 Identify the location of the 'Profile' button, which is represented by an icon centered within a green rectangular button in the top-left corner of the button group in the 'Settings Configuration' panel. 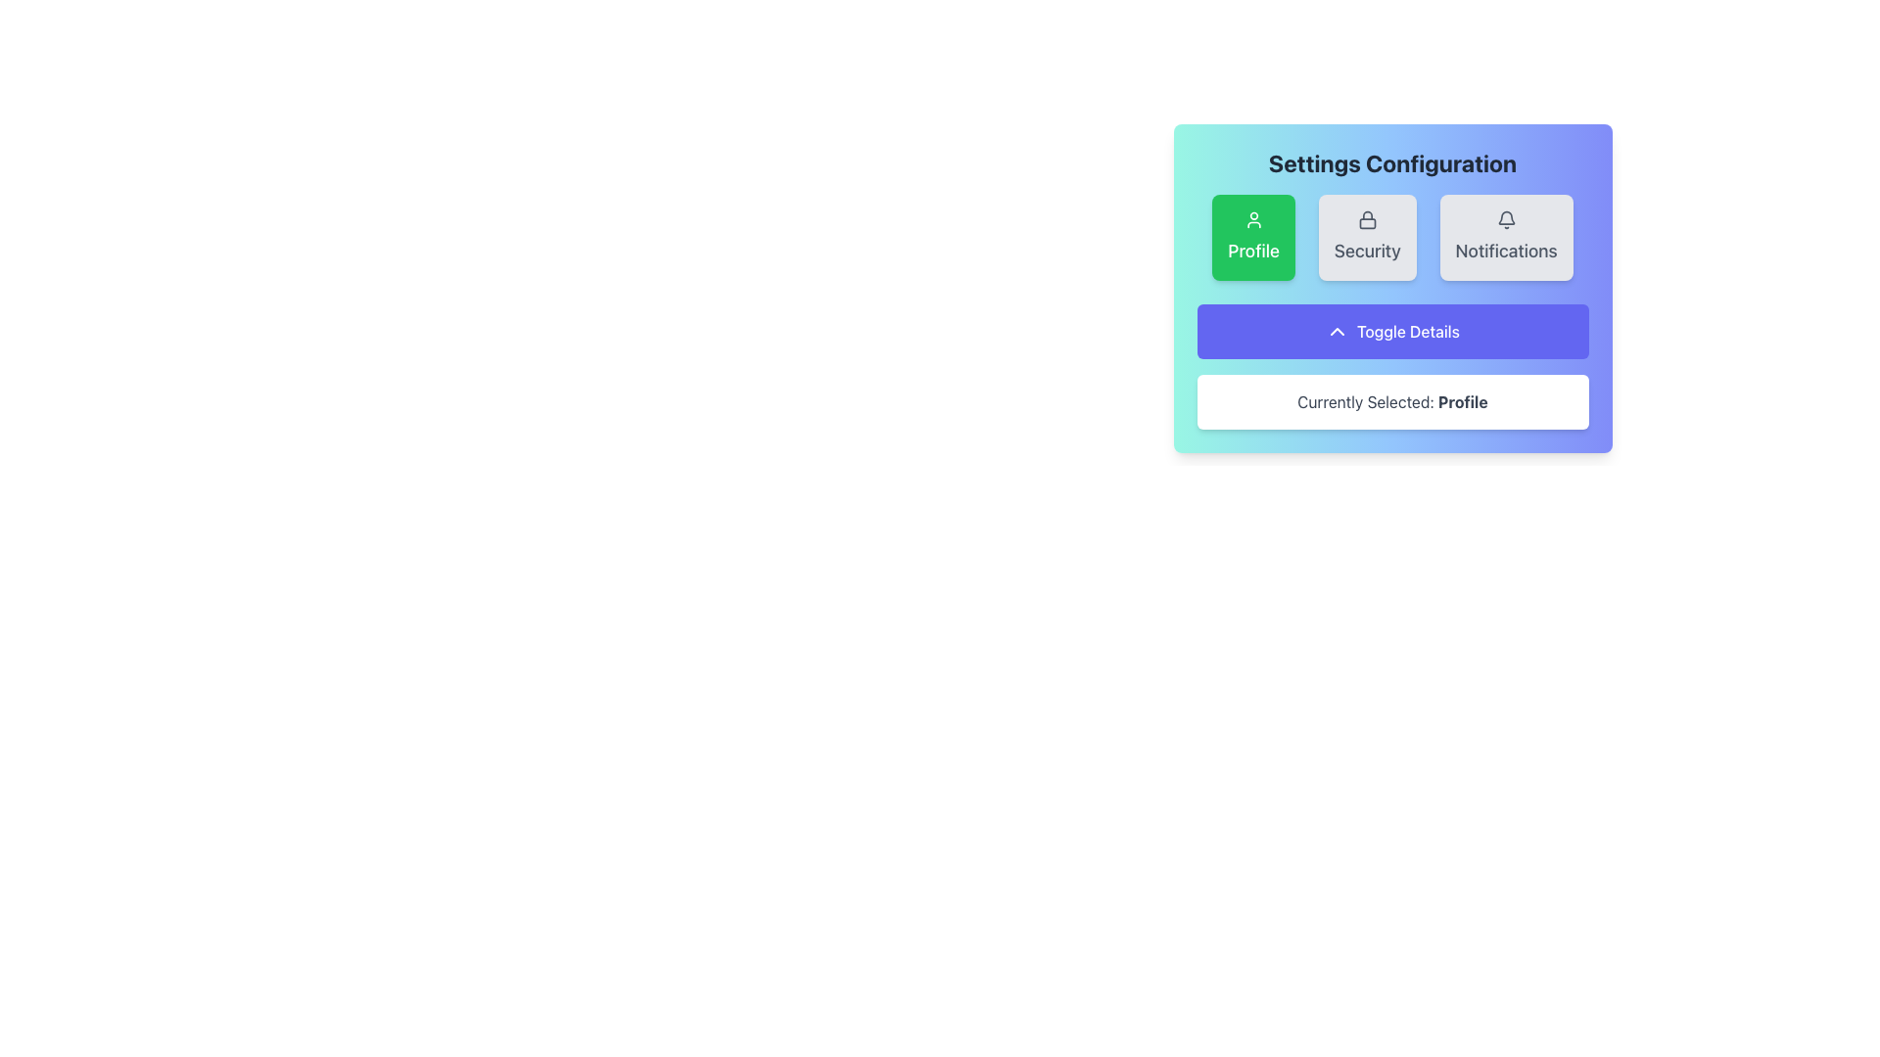
(1253, 219).